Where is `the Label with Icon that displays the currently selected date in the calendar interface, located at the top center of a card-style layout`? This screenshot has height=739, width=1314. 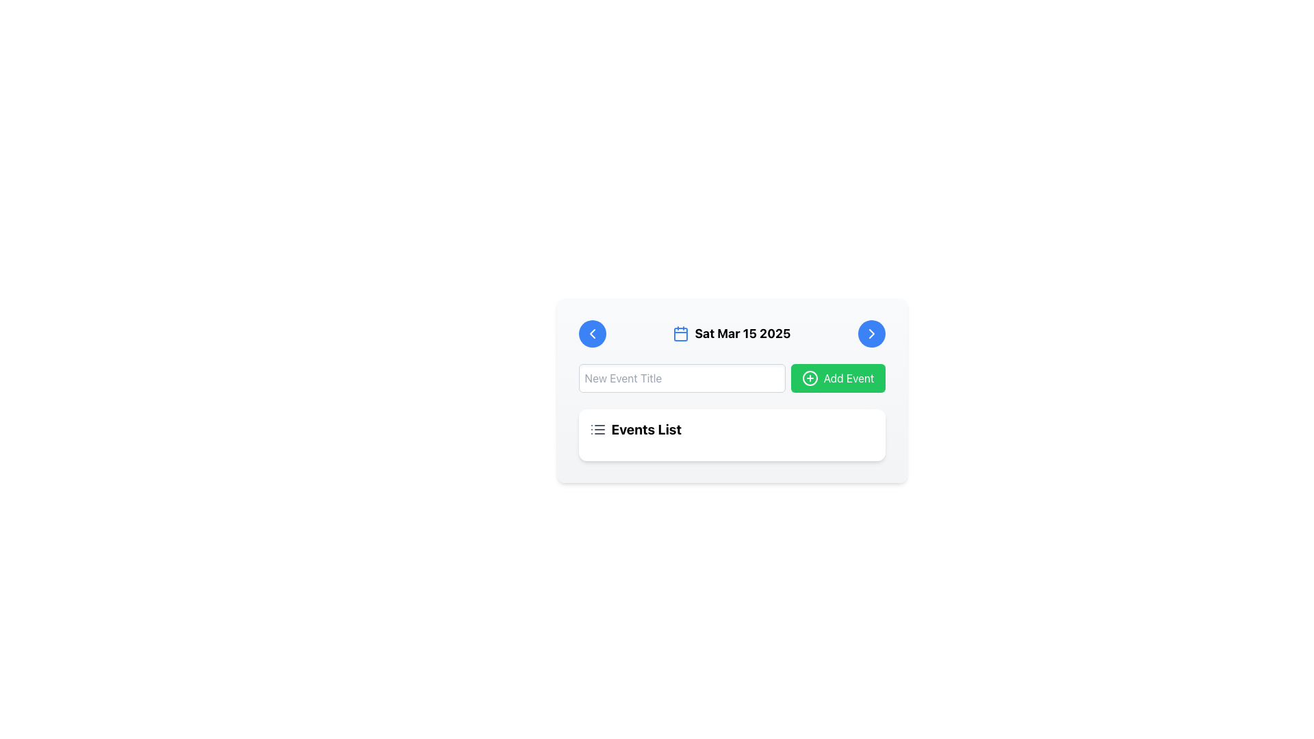 the Label with Icon that displays the currently selected date in the calendar interface, located at the top center of a card-style layout is located at coordinates (731, 334).